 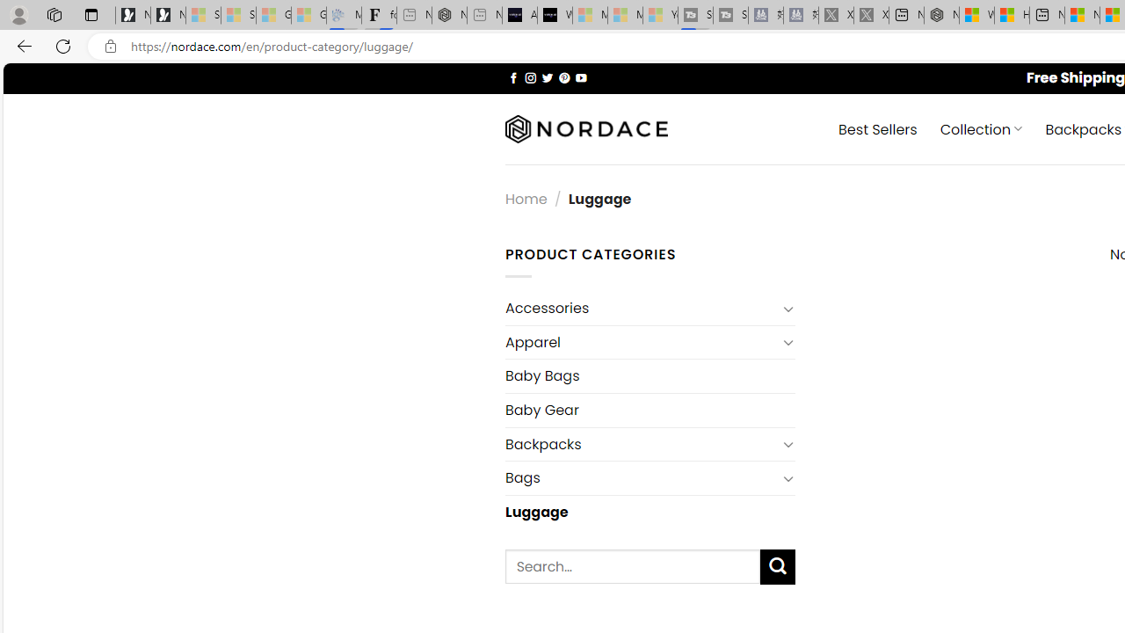 I want to click on 'Microsoft Start - Sleeping', so click(x=625, y=15).